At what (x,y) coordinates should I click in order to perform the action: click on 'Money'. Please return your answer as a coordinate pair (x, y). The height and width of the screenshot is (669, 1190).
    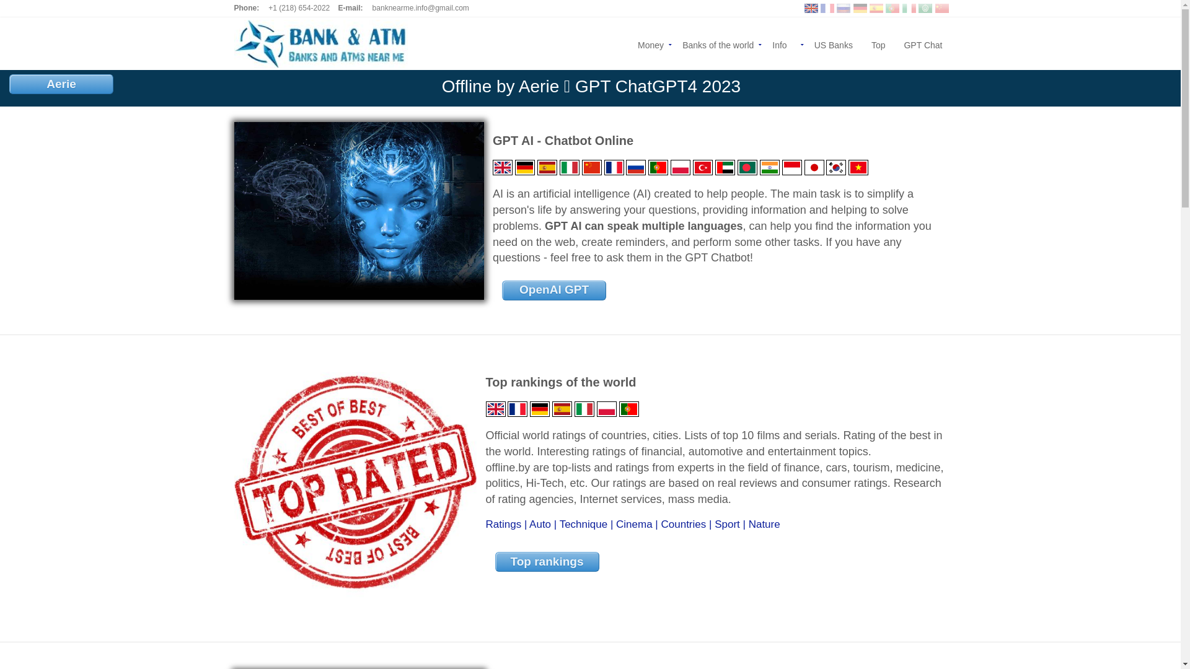
    Looking at the image, I should click on (628, 43).